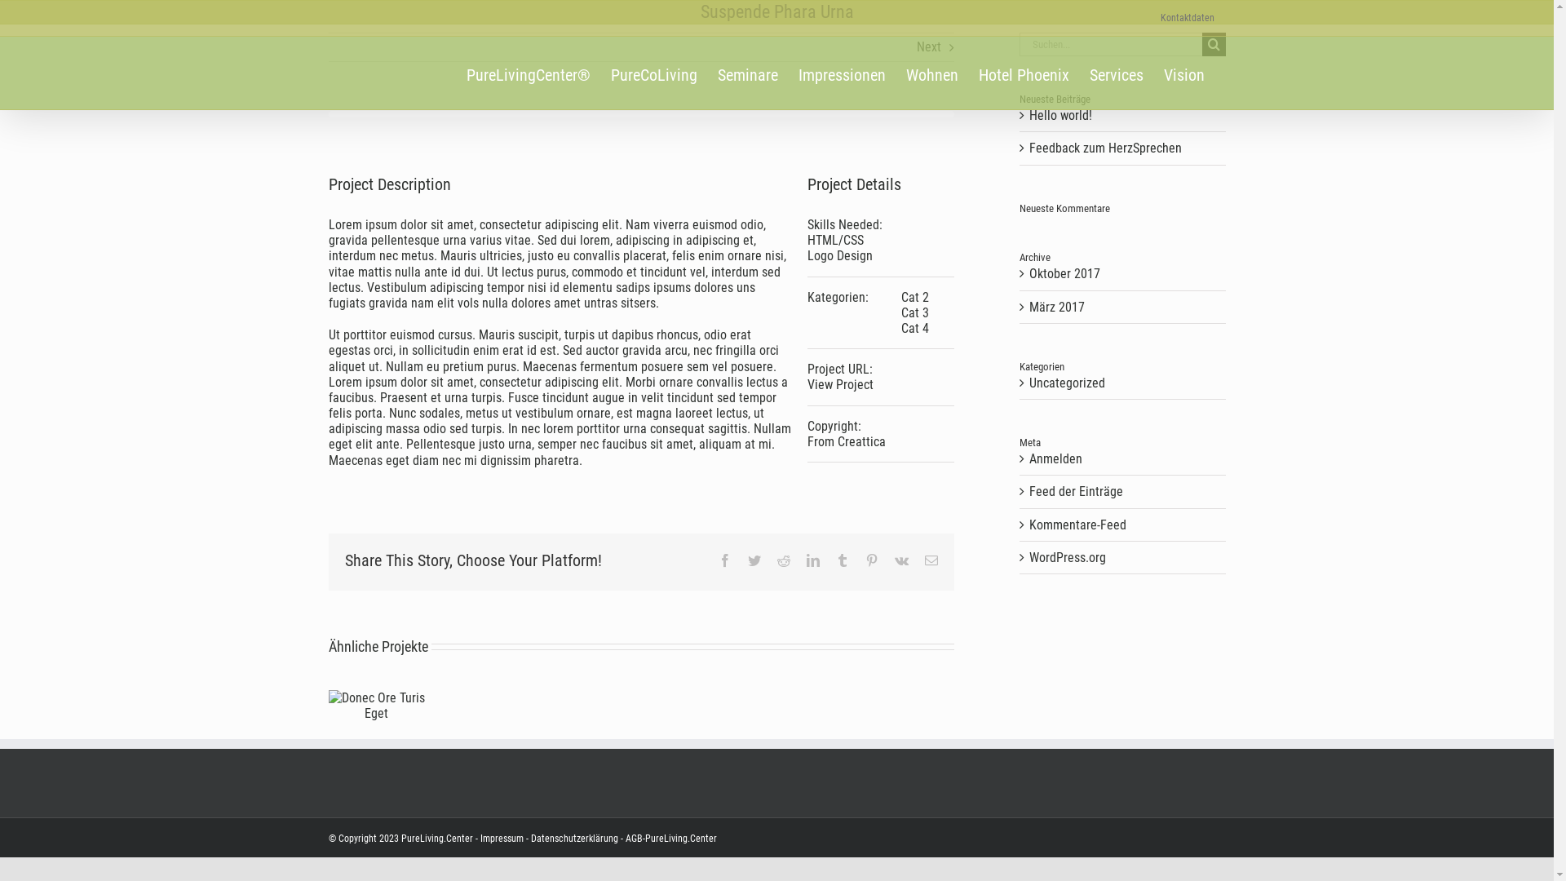 The width and height of the screenshot is (1566, 881). What do you see at coordinates (783, 559) in the screenshot?
I see `'Reddit'` at bounding box center [783, 559].